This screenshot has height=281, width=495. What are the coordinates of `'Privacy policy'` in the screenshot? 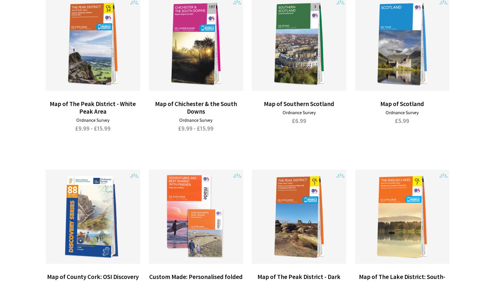 It's located at (290, 240).